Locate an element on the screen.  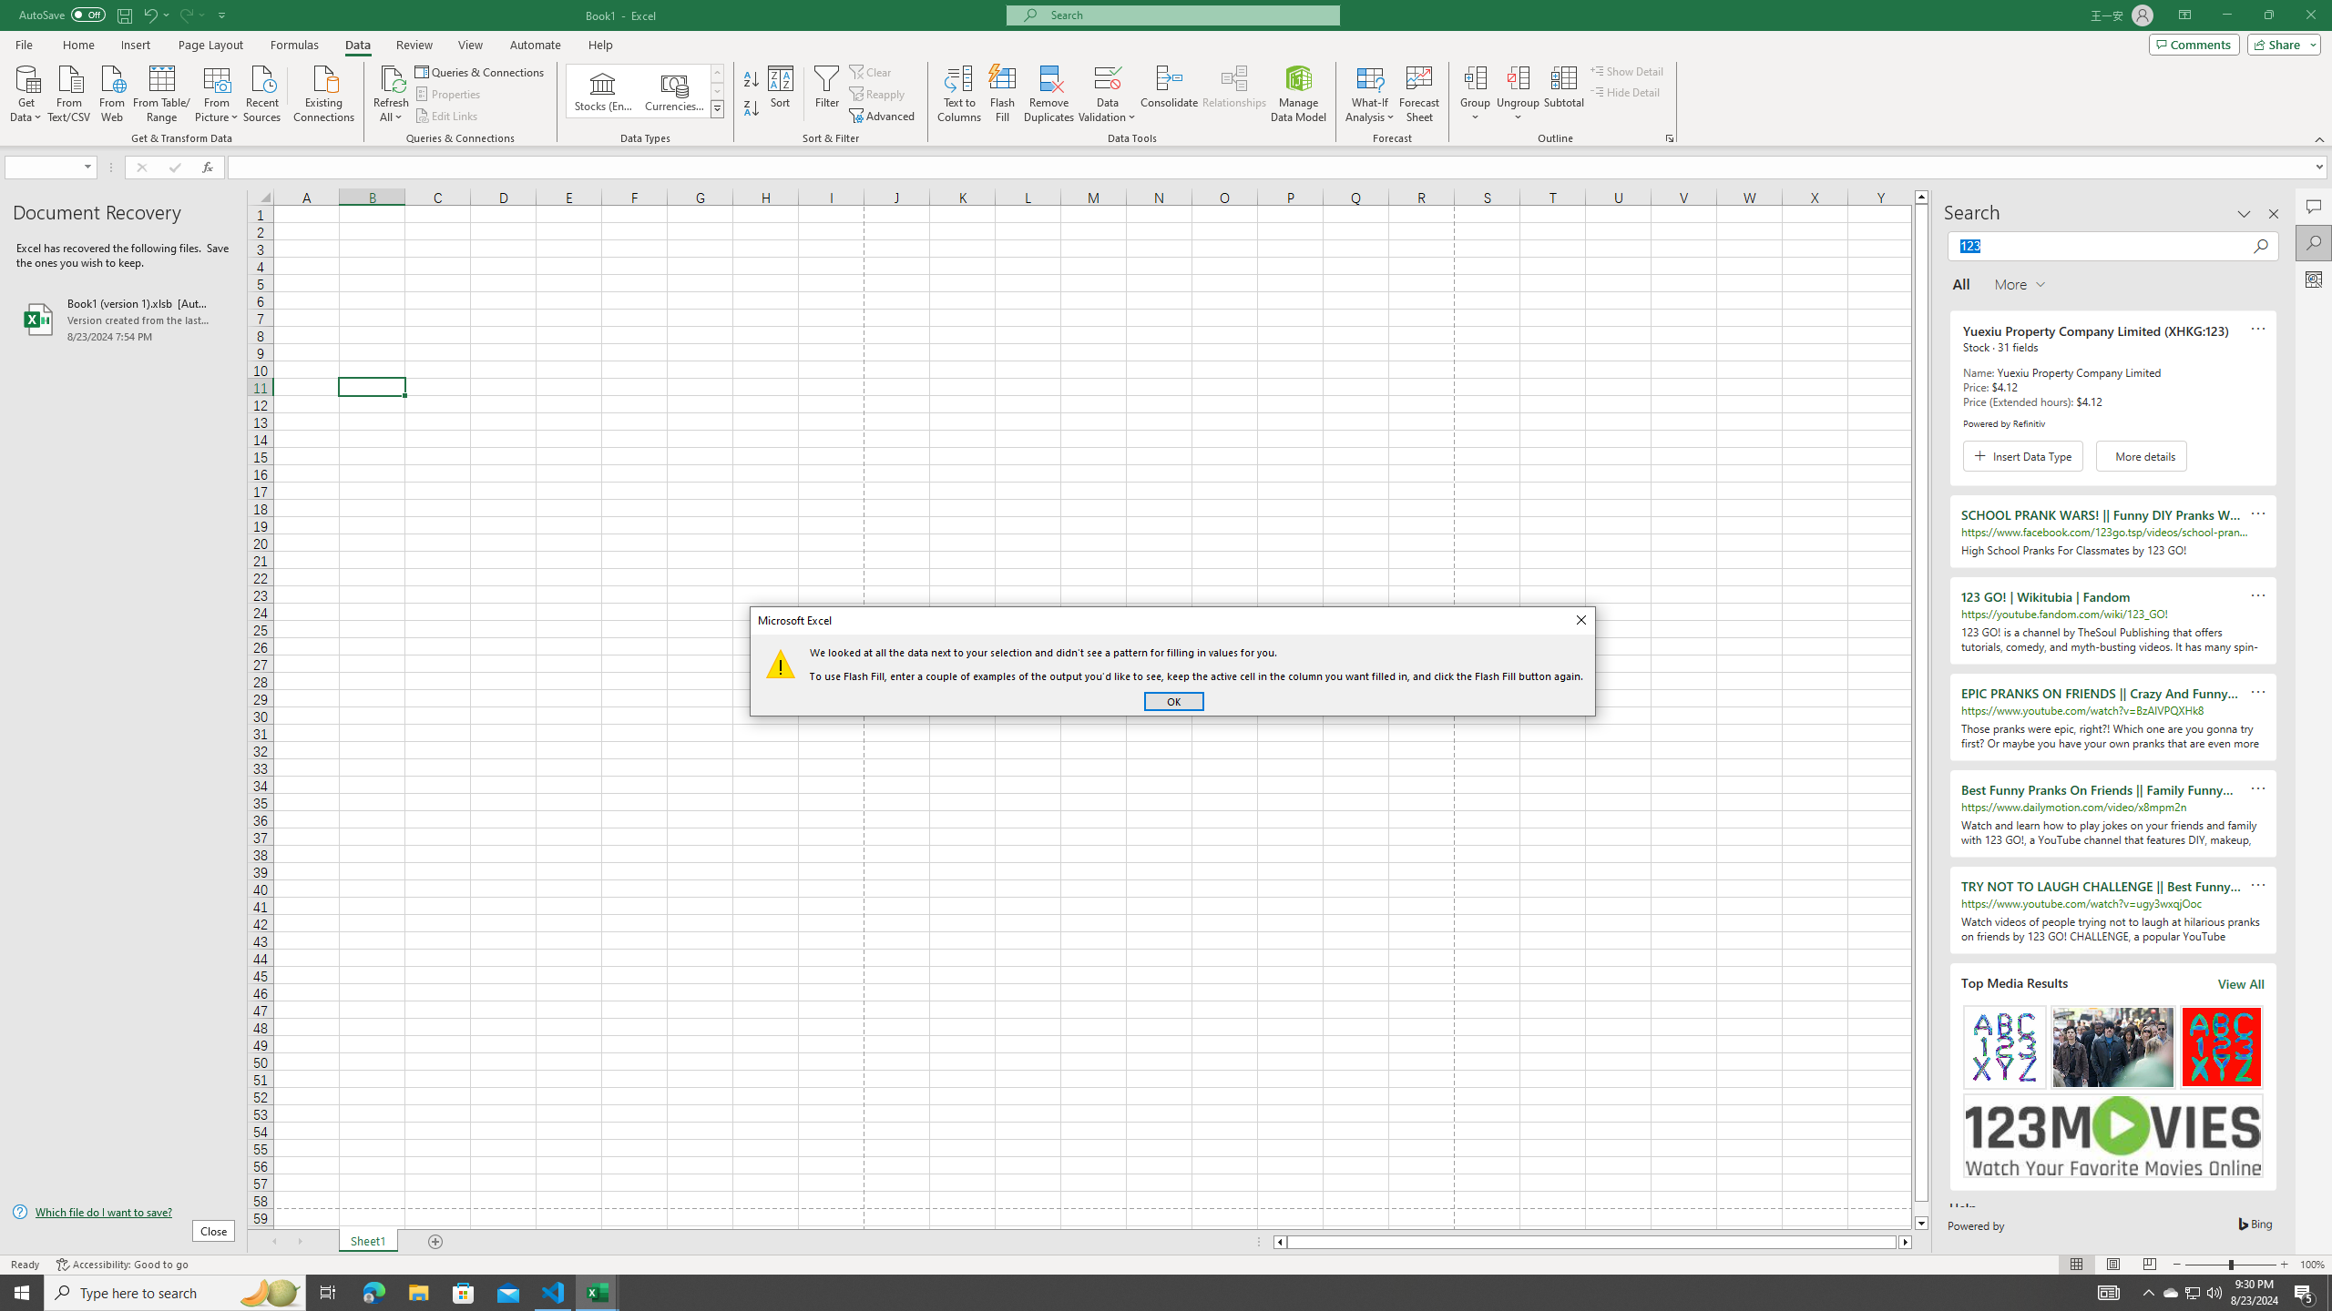
'Subtotal' is located at coordinates (1563, 94).